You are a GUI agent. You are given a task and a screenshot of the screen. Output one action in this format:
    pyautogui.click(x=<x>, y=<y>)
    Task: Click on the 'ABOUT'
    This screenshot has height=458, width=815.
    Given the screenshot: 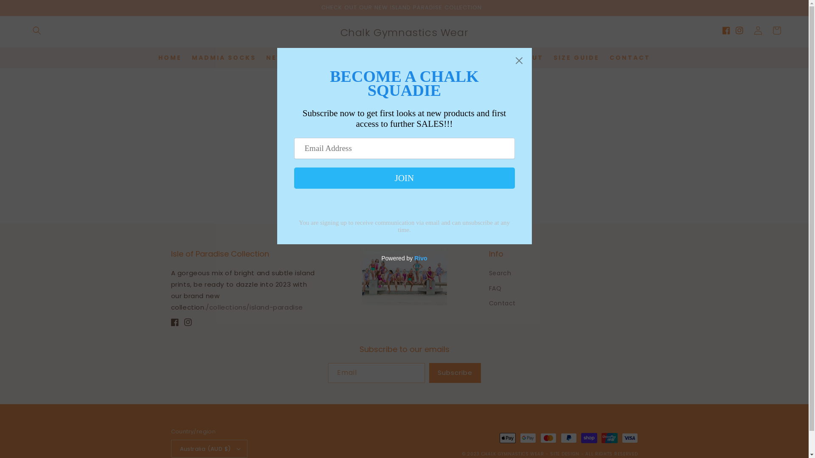 What is the action you would take?
    pyautogui.click(x=528, y=57)
    